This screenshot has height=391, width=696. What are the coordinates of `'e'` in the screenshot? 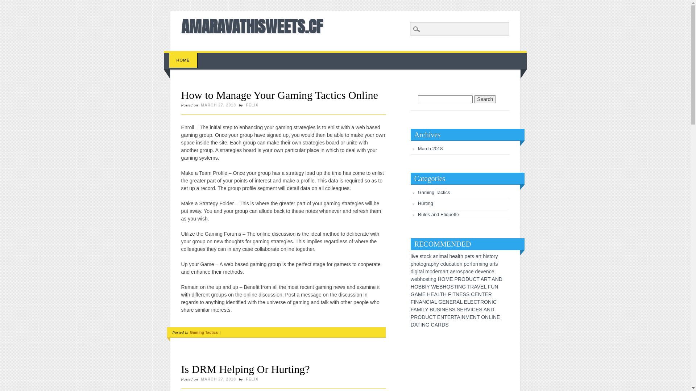 It's located at (453, 271).